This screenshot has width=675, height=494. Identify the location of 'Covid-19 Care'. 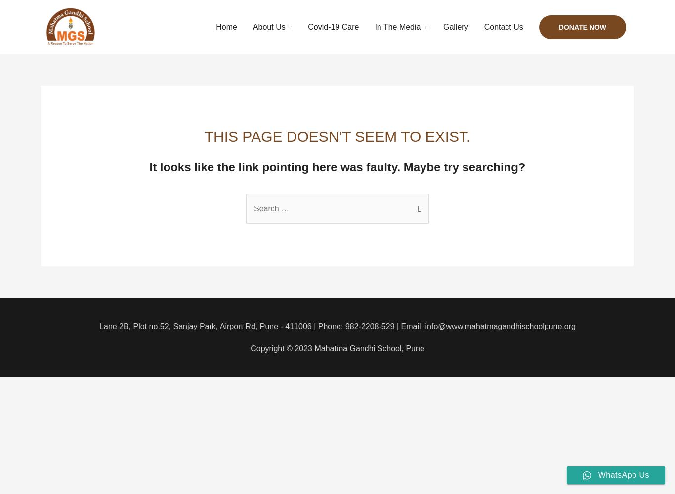
(333, 27).